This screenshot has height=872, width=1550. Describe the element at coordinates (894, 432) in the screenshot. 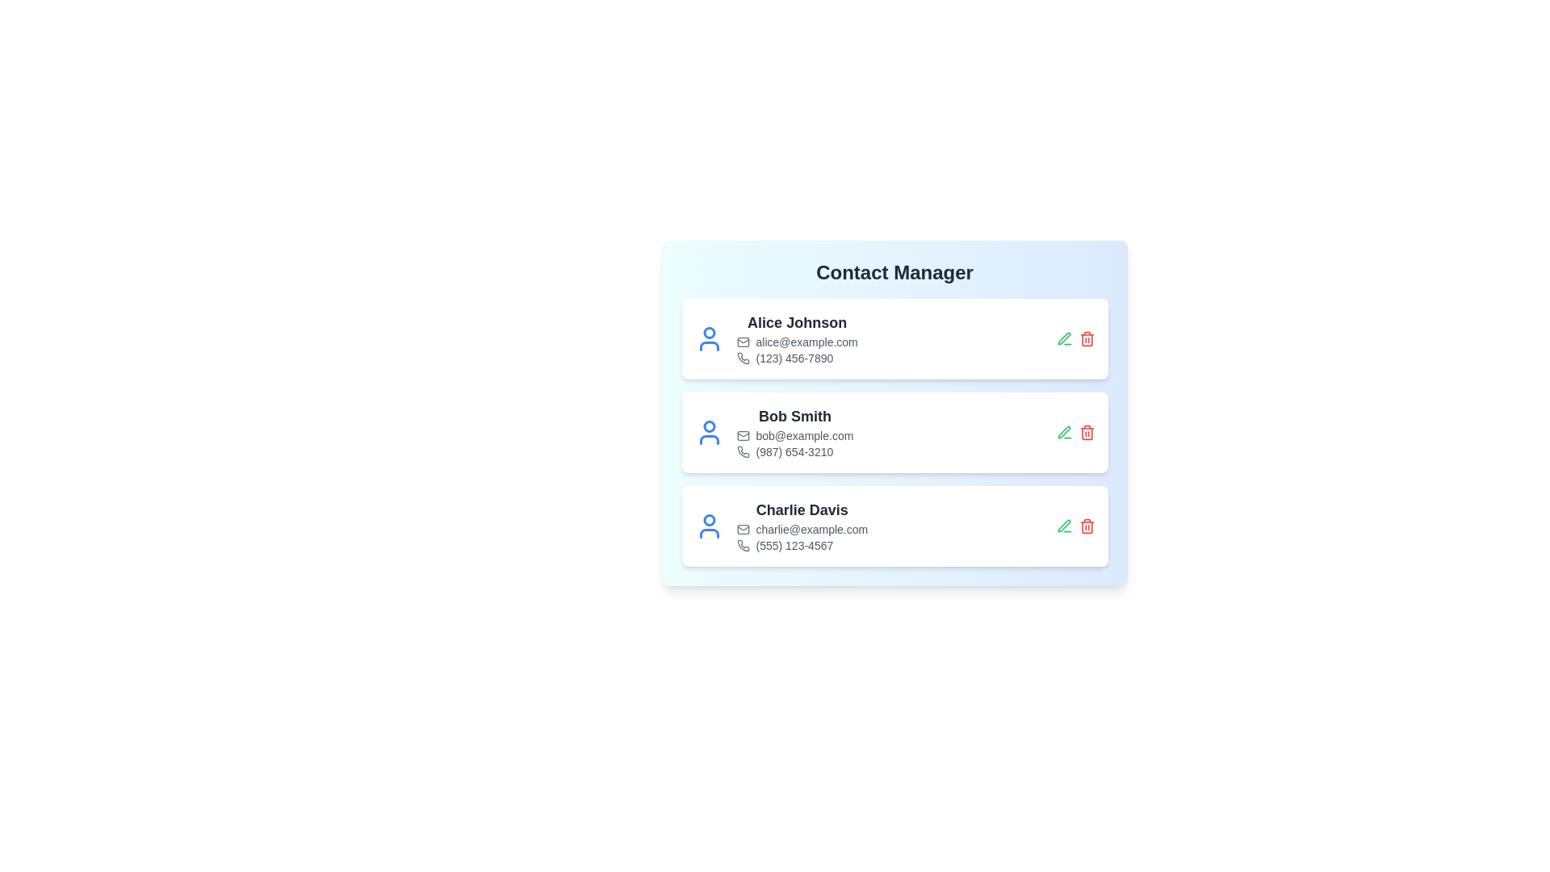

I see `the contact entry for Bob Smith to view their details` at that location.